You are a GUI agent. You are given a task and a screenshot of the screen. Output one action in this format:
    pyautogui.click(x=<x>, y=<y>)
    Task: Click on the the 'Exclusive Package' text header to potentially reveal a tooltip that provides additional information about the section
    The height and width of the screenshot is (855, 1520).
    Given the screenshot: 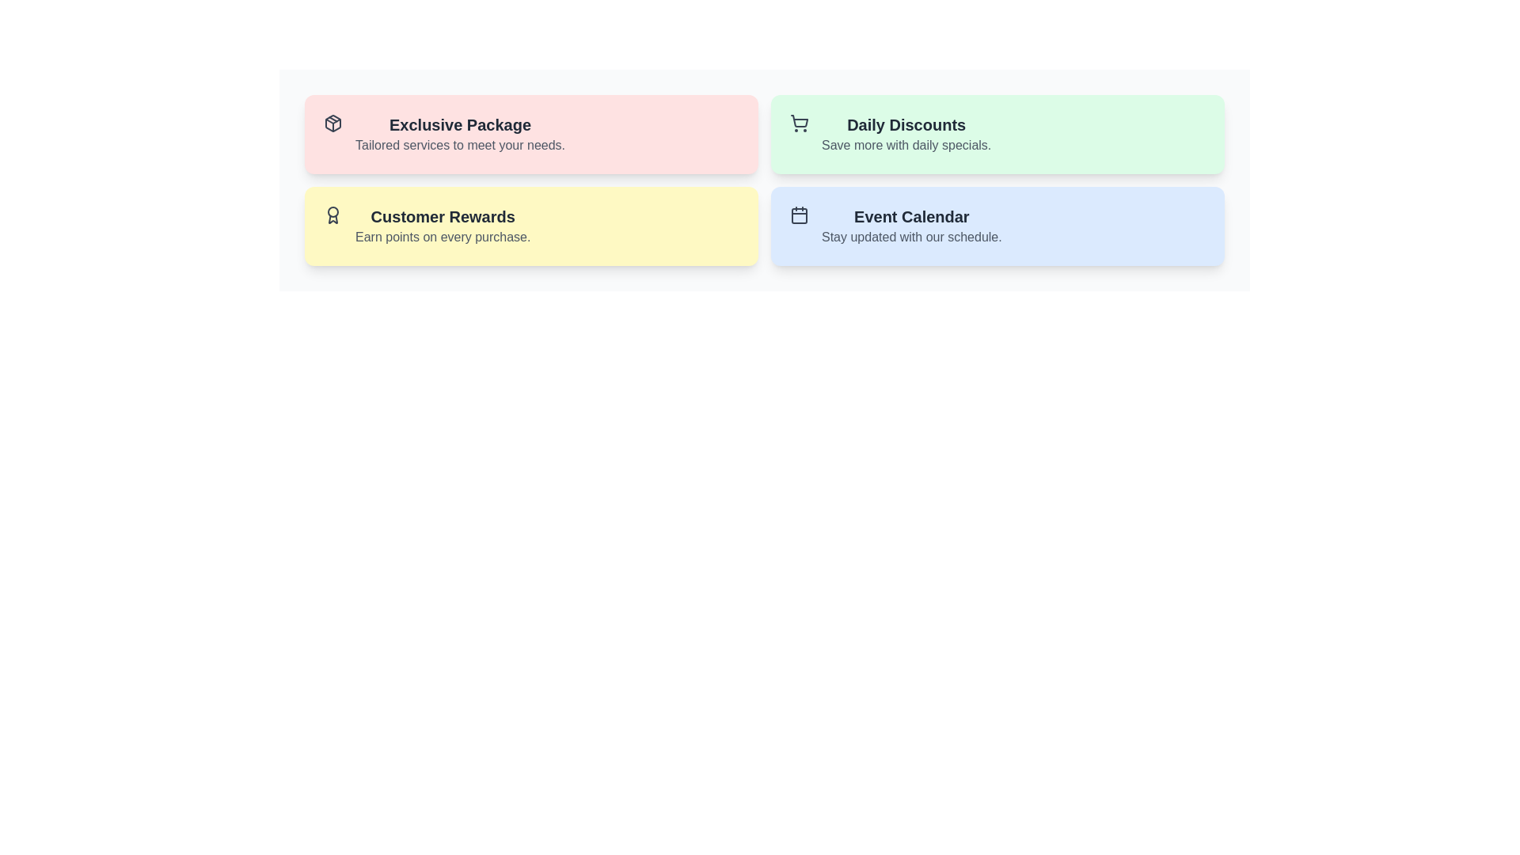 What is the action you would take?
    pyautogui.click(x=459, y=133)
    